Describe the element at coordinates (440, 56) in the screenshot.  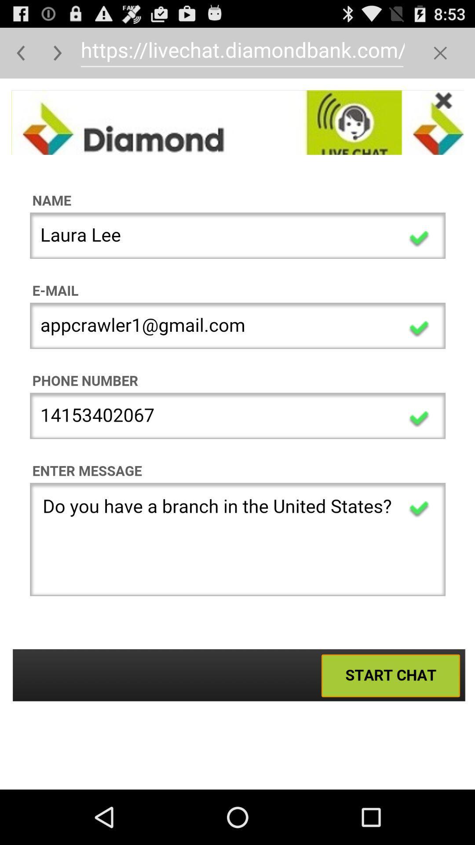
I see `the close icon` at that location.